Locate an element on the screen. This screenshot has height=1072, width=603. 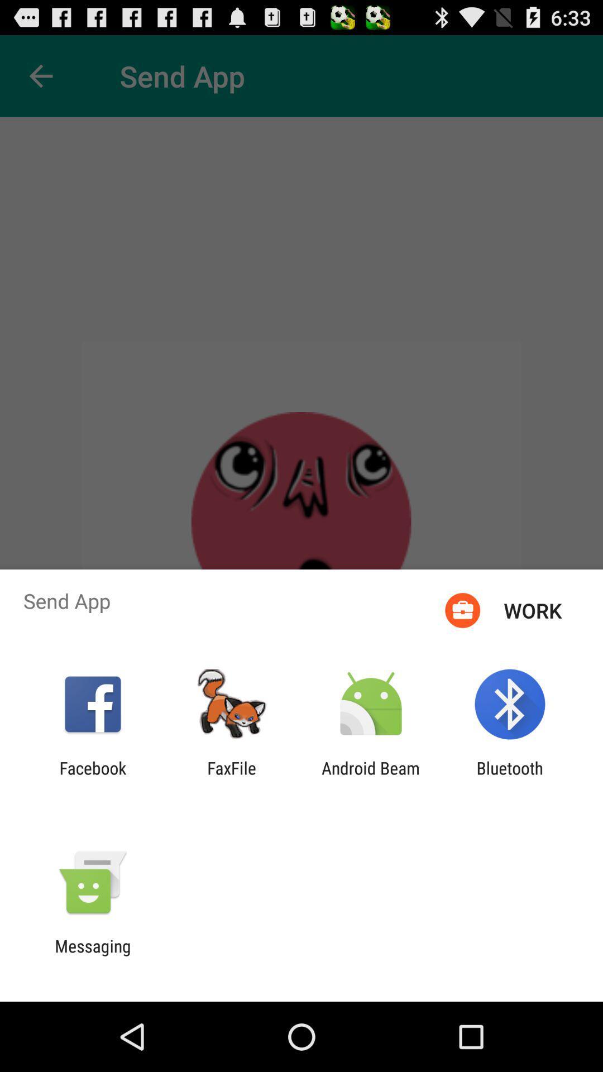
the bluetooth at the bottom right corner is located at coordinates (510, 777).